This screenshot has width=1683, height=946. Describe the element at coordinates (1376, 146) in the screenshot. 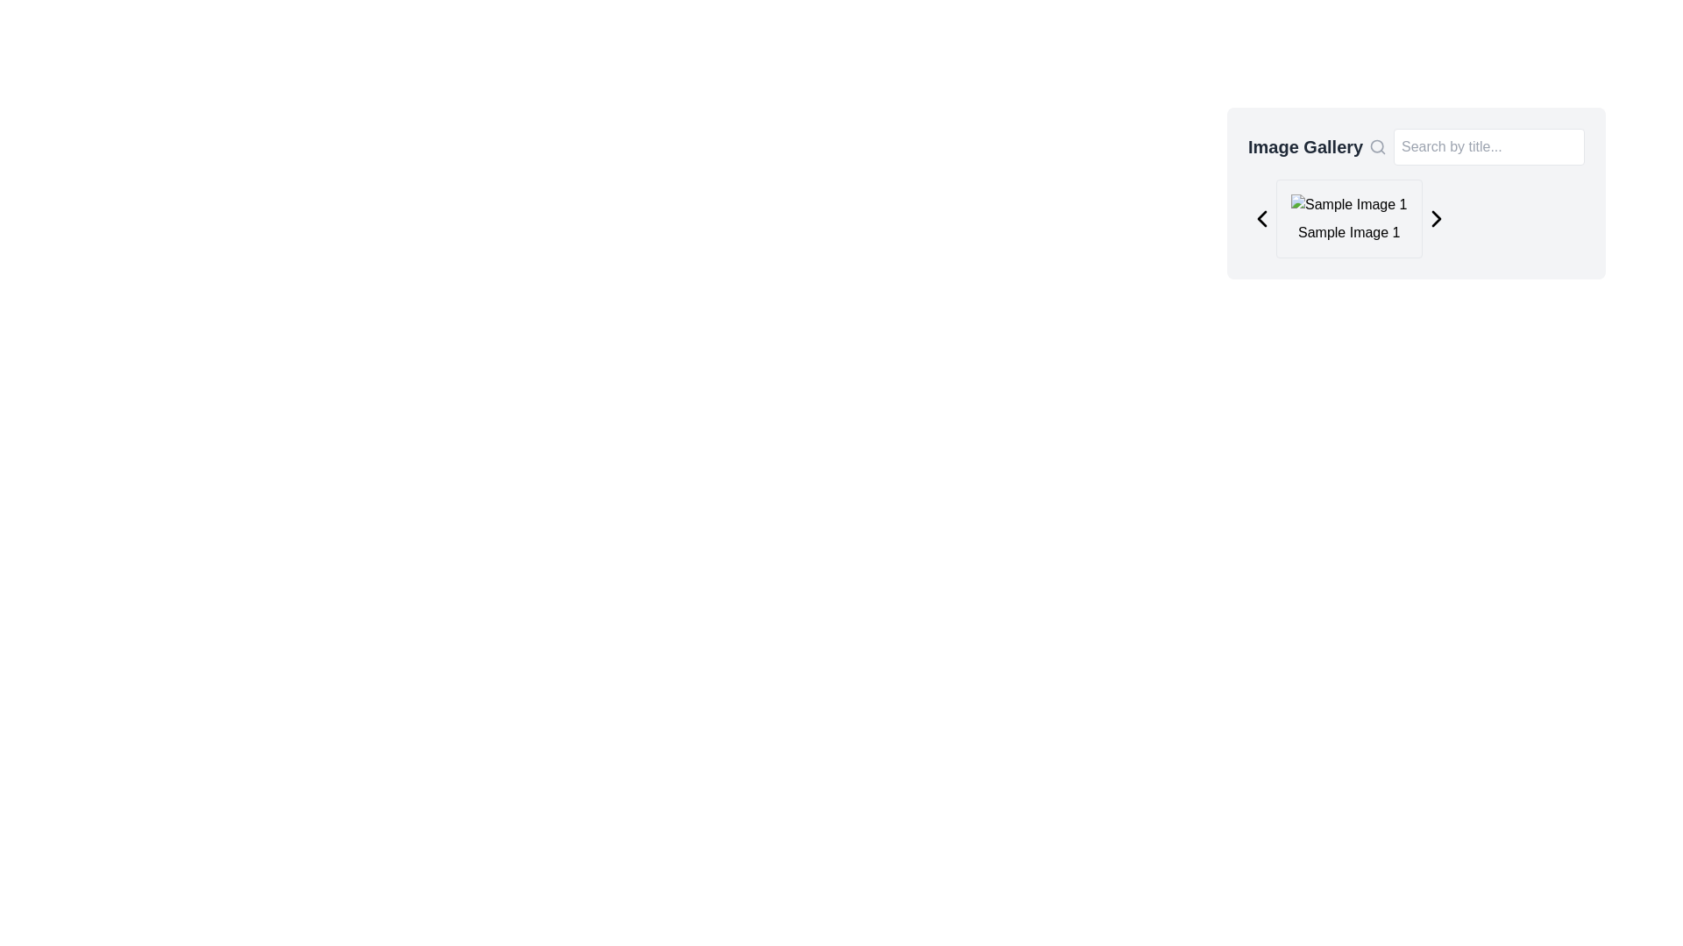

I see `the magnifying glass icon, which is a gray vector graphic with a circular lens and diagonal handle, located to the left of the search input field` at that location.